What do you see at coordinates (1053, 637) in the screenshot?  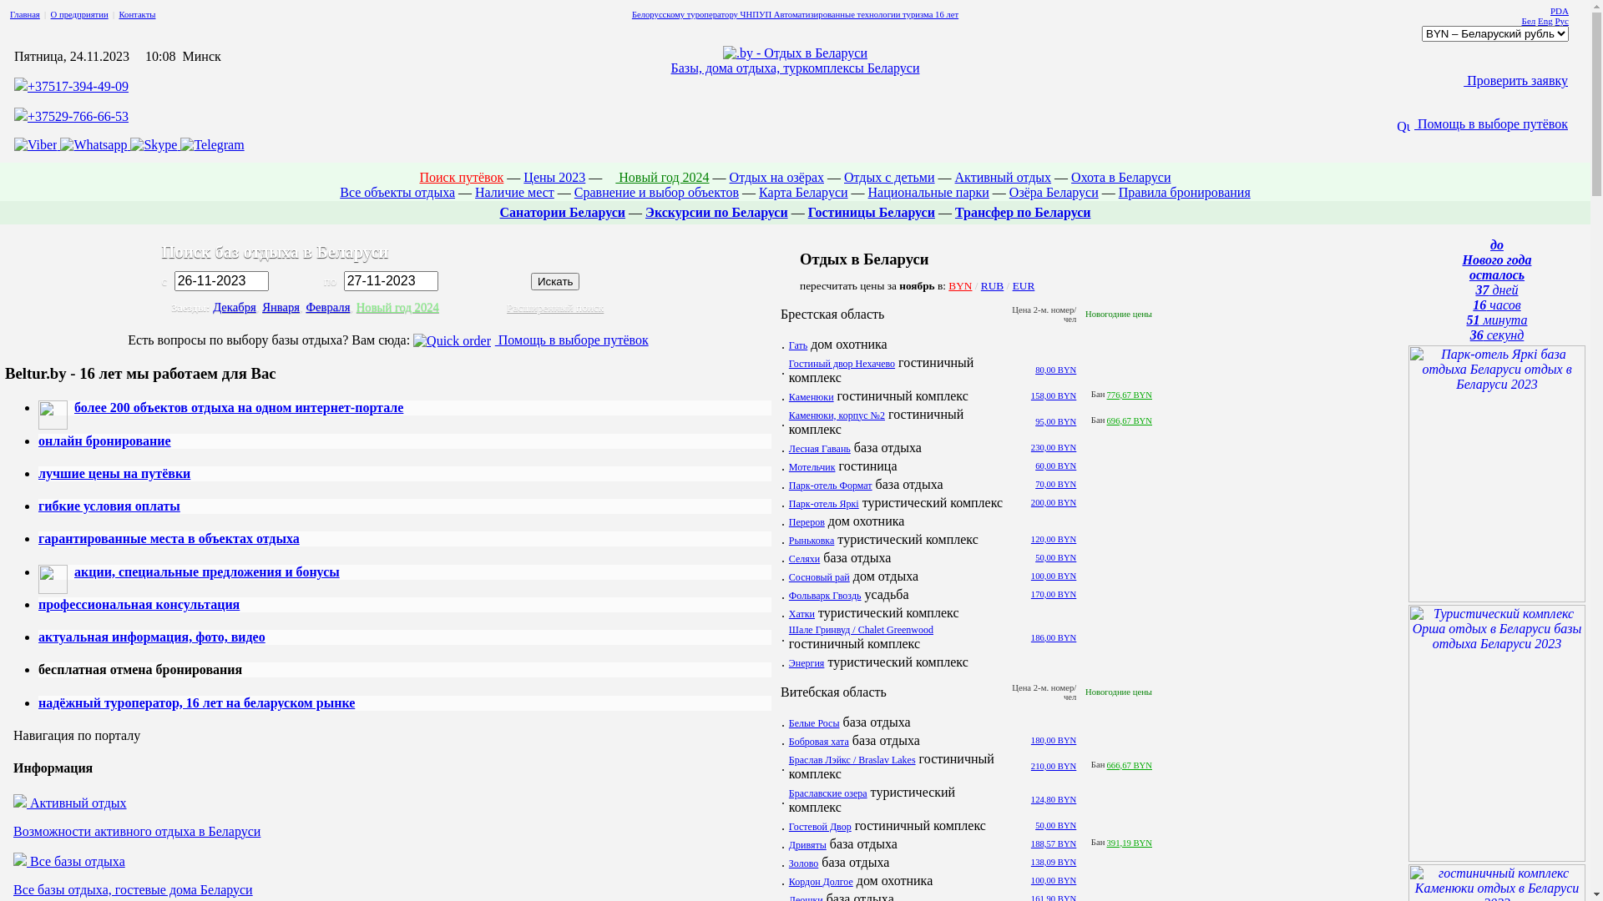 I see `'186,00 BYN'` at bounding box center [1053, 637].